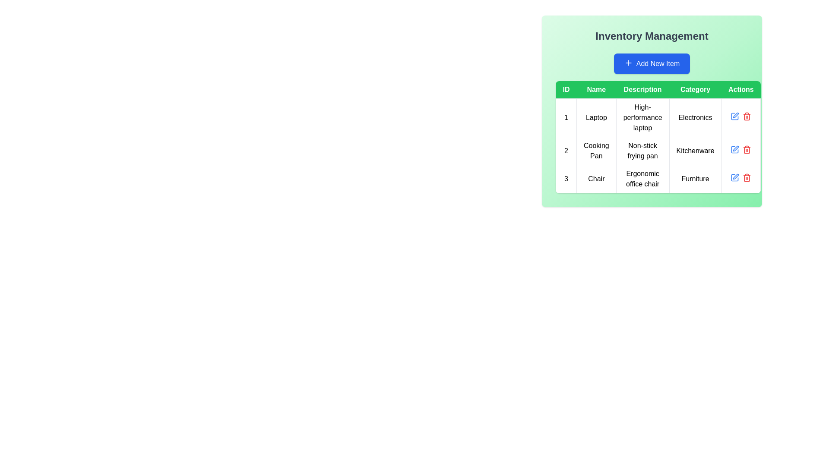 This screenshot has width=829, height=466. What do you see at coordinates (652, 111) in the screenshot?
I see `the text display cell showing 'High-performance laptop' in the Inventory Management interface, located in the second column under the 'Description' header` at bounding box center [652, 111].